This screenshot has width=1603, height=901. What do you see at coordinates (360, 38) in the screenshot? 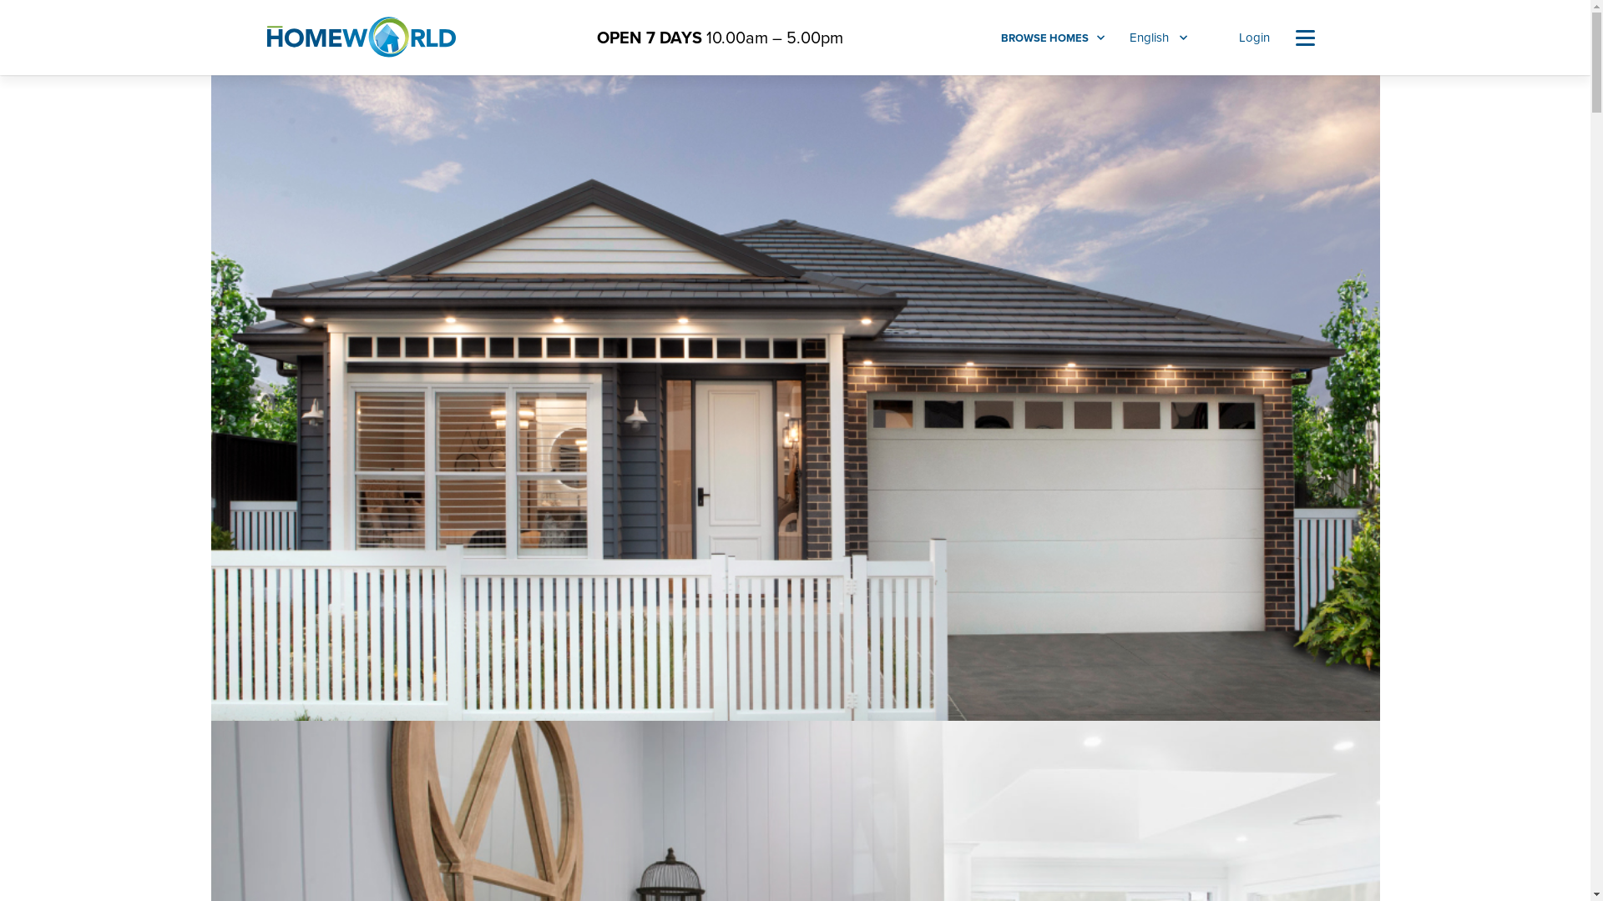
I see `'HomeWorld'` at bounding box center [360, 38].